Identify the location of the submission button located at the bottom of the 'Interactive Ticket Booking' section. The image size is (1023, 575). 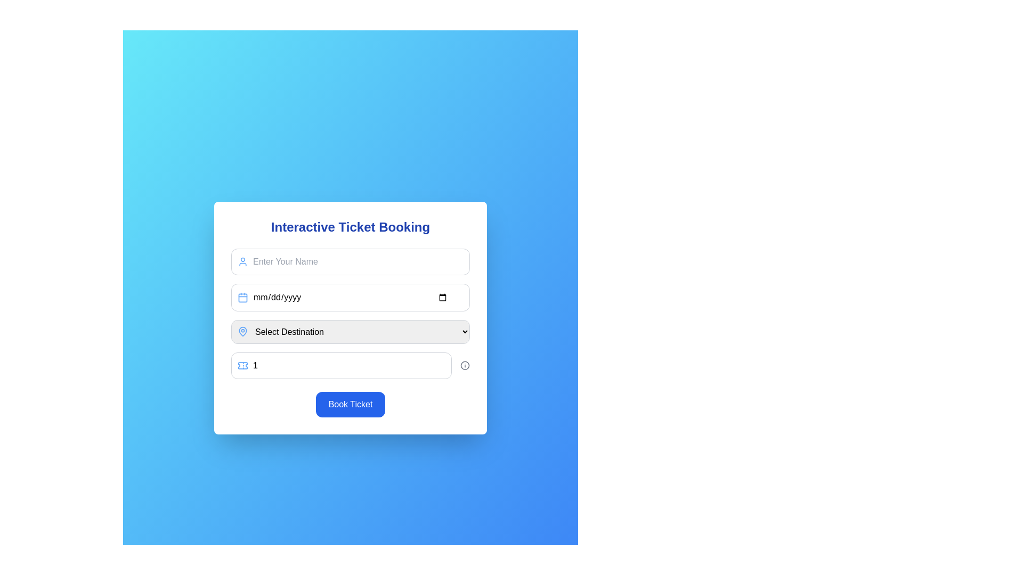
(350, 404).